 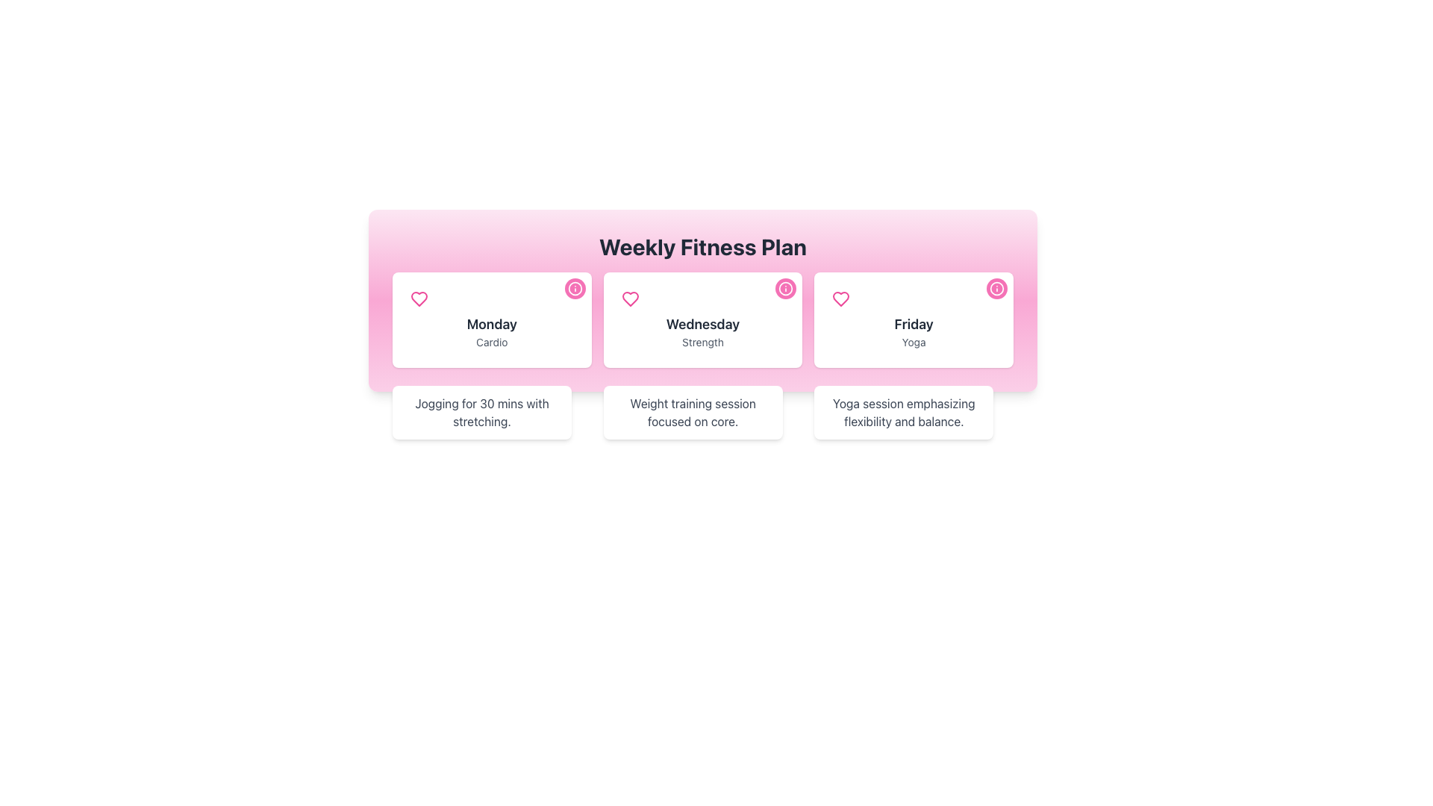 I want to click on the 'Cardio' text label, which is a smaller gray font located within the 'Monday' card, positioned directly below the 'Monday' header, so click(x=492, y=343).